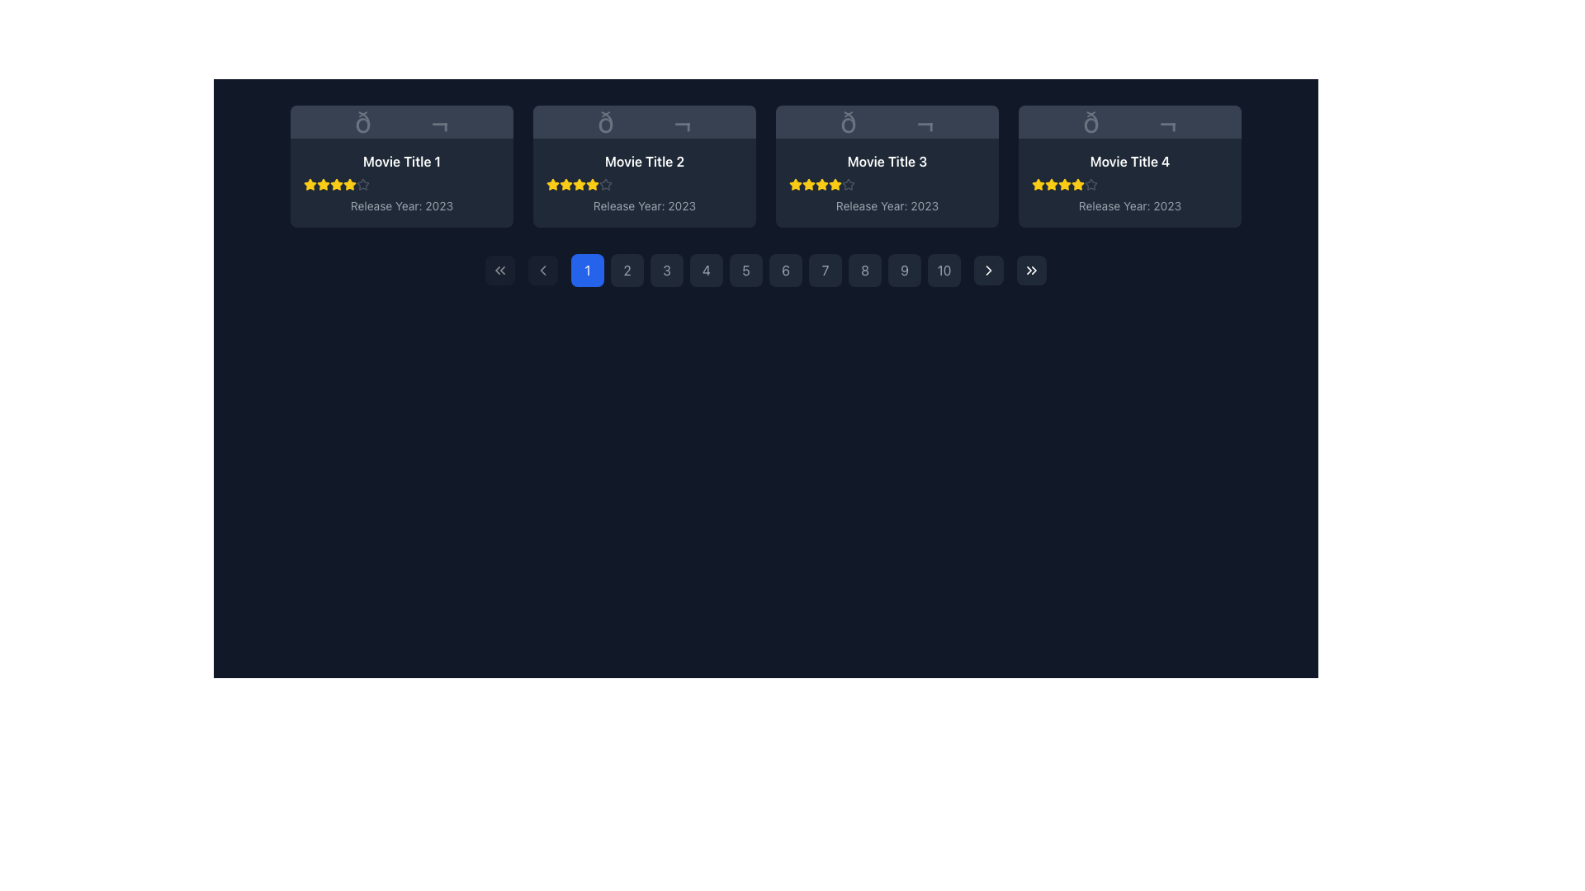  I want to click on the first filled yellow star icon in the rating section of the card for 'Movie Title 1', so click(310, 184).